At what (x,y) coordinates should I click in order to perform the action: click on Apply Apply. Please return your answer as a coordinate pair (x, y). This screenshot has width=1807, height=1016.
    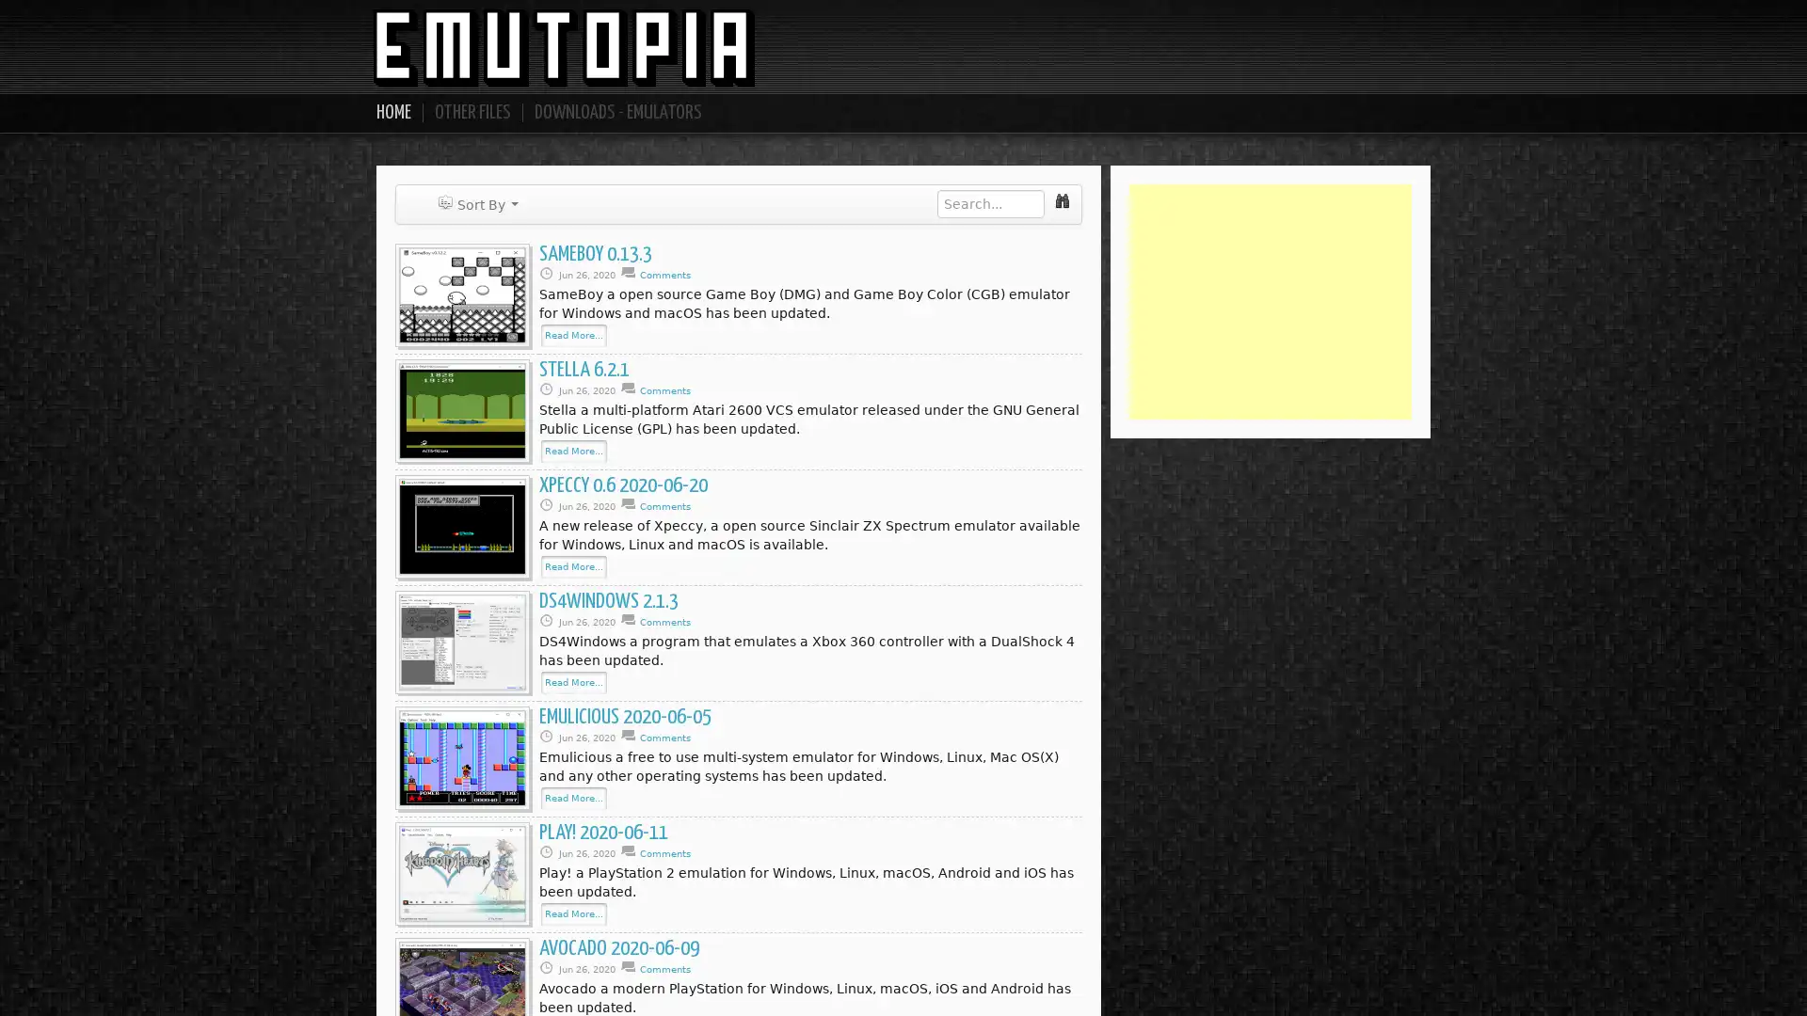
    Looking at the image, I should click on (969, 259).